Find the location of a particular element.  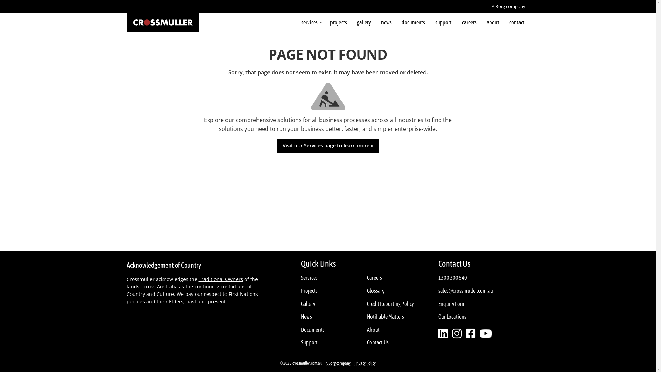

'Documents' is located at coordinates (312, 329).